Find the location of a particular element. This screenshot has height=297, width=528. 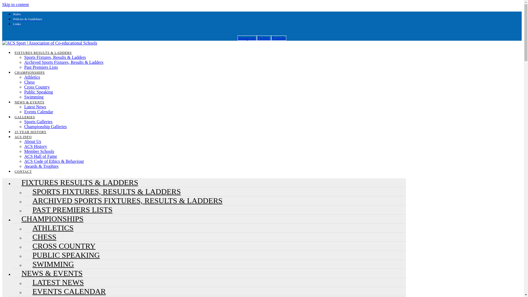

'Policies & Guidelines' is located at coordinates (27, 19).